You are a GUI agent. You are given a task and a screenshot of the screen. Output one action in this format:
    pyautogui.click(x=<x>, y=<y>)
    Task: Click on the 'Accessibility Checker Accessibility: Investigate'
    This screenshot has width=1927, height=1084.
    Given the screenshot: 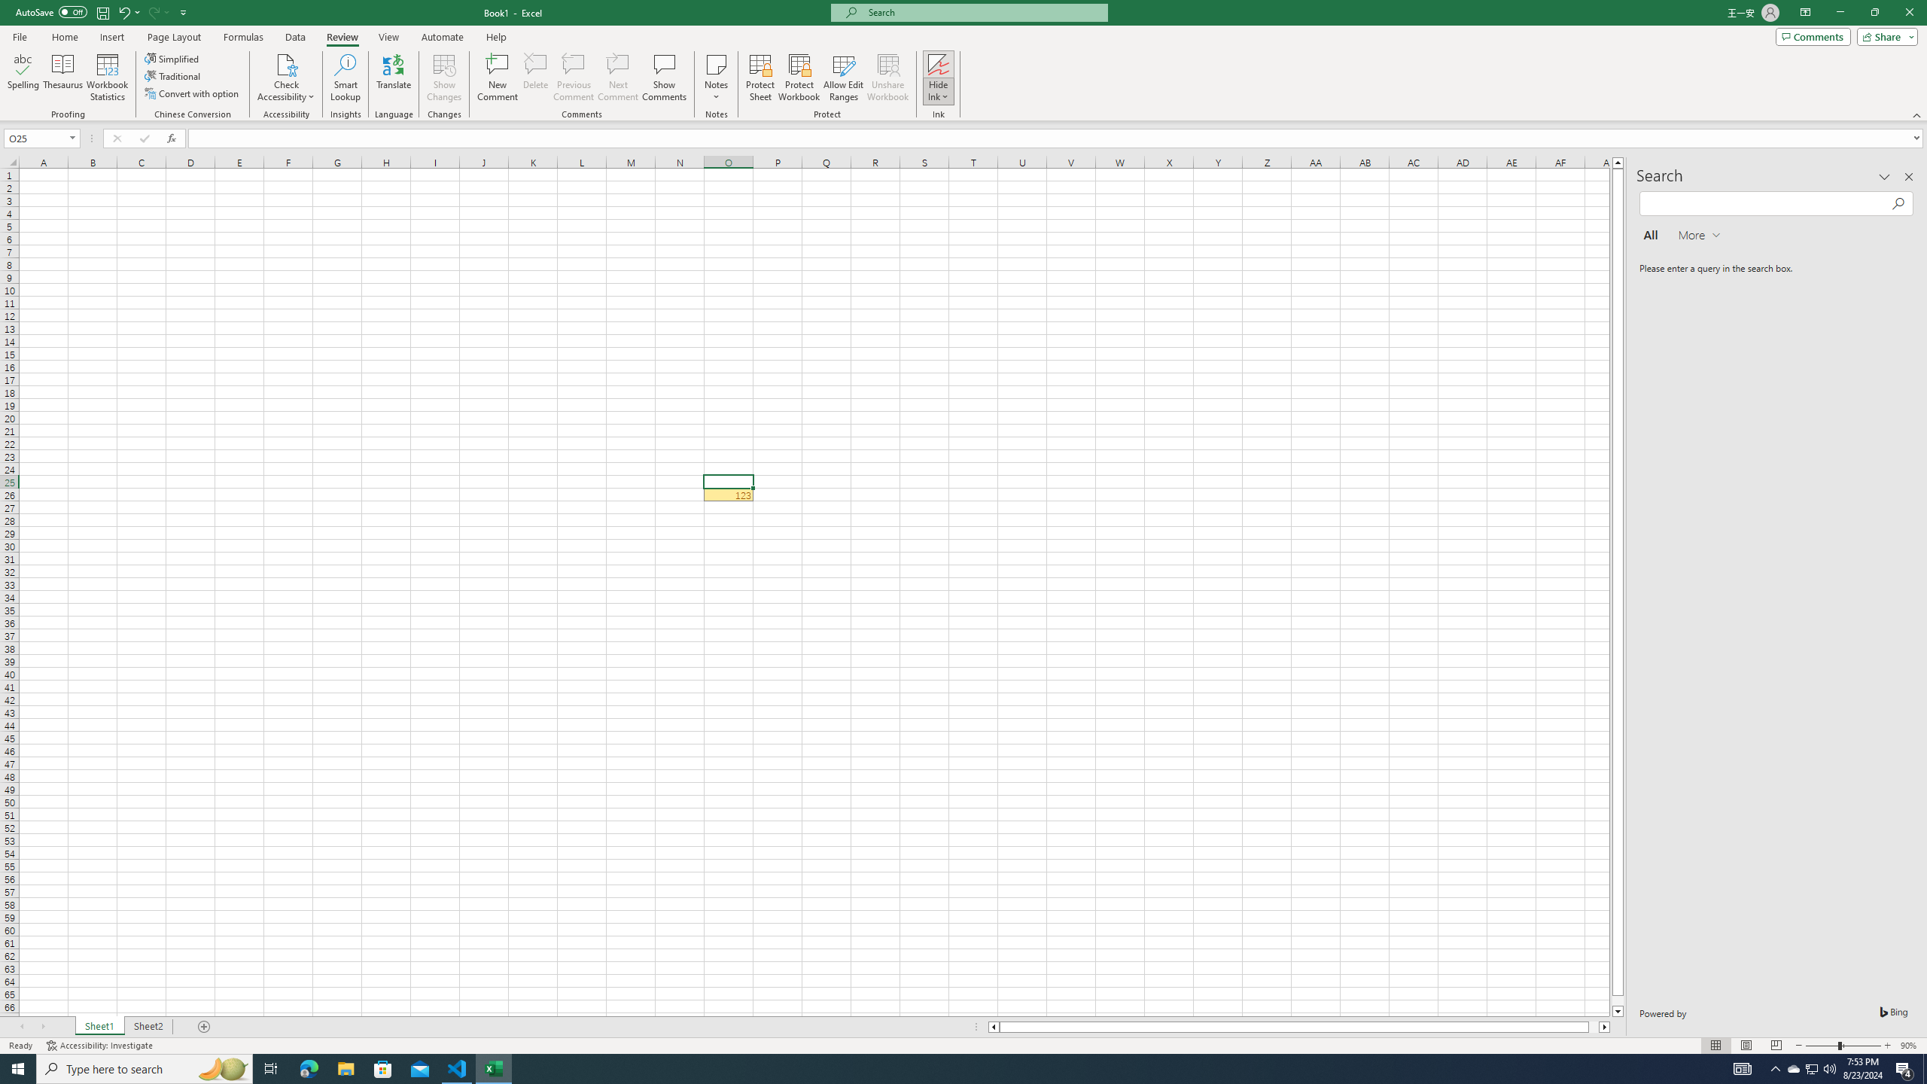 What is the action you would take?
    pyautogui.click(x=101, y=1046)
    